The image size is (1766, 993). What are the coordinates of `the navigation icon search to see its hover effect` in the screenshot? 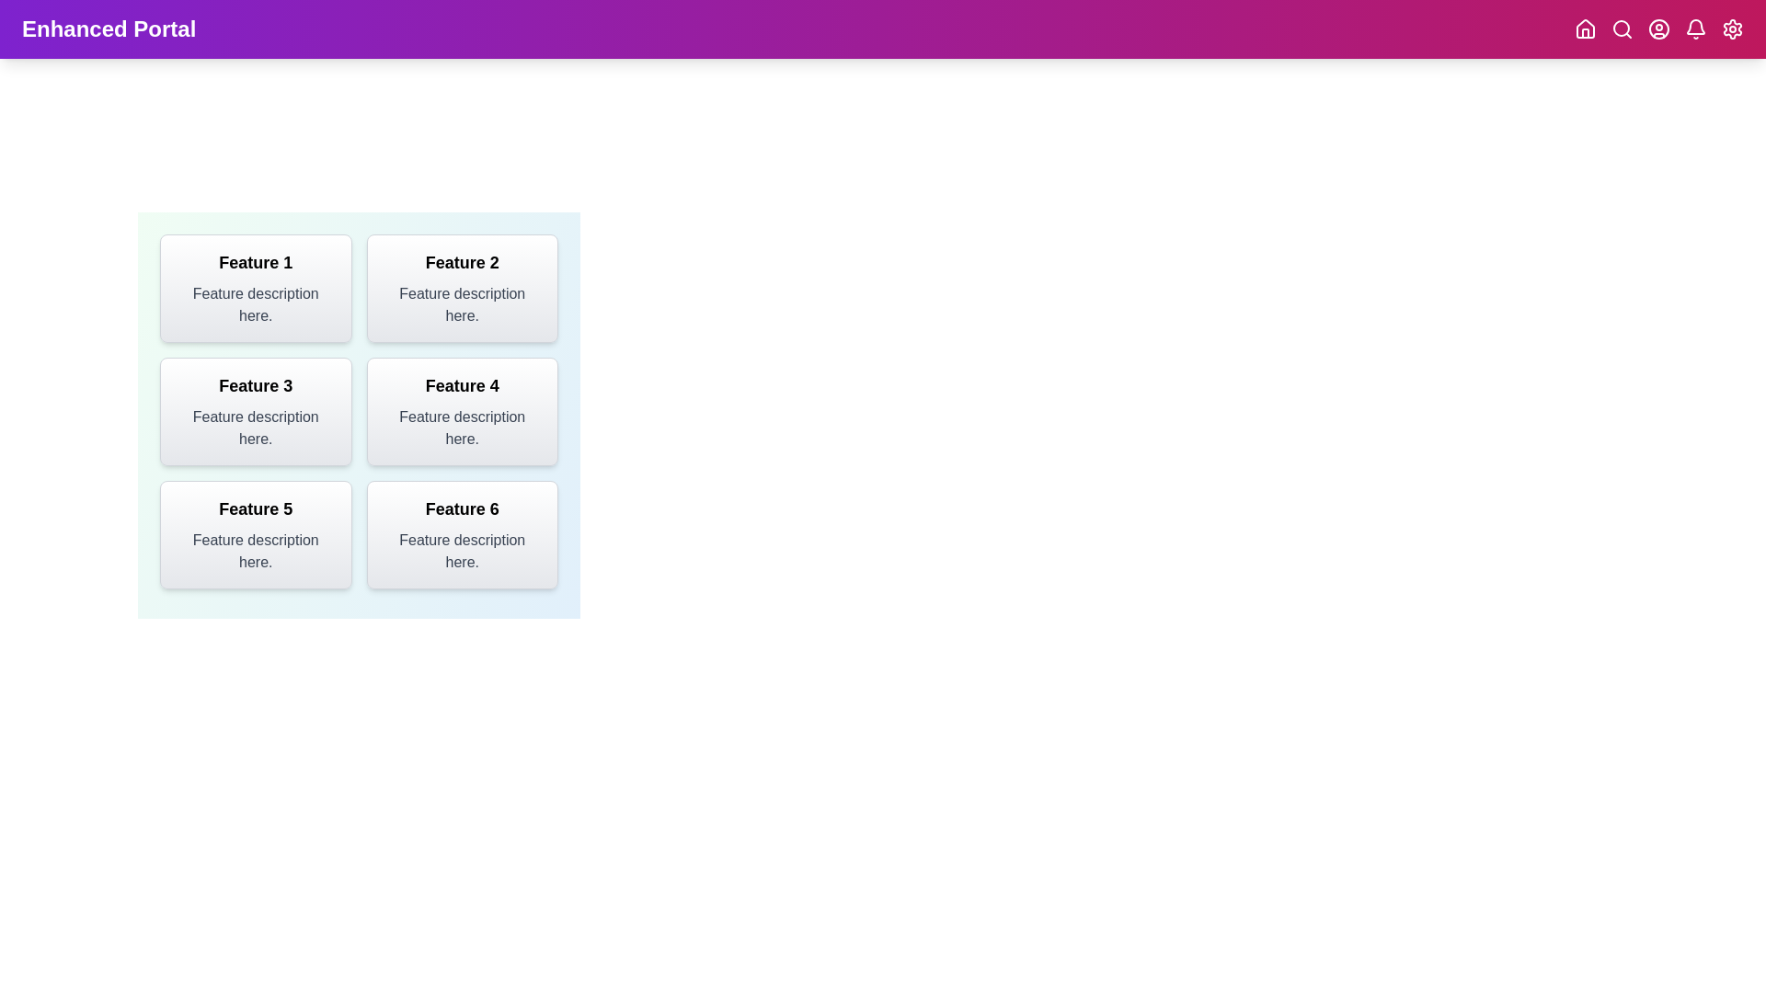 It's located at (1622, 29).